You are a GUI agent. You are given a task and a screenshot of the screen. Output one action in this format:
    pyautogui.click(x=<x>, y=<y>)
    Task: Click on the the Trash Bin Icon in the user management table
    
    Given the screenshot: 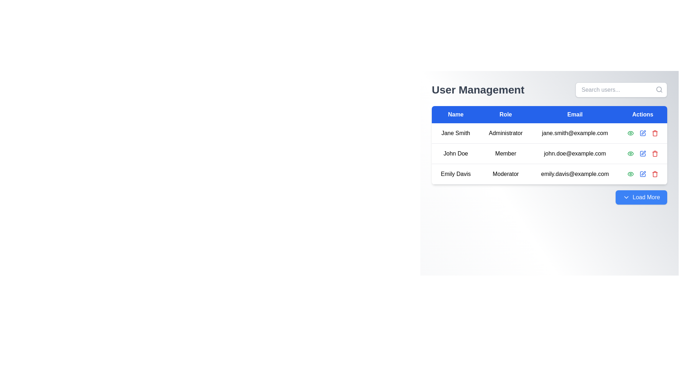 What is the action you would take?
    pyautogui.click(x=655, y=133)
    